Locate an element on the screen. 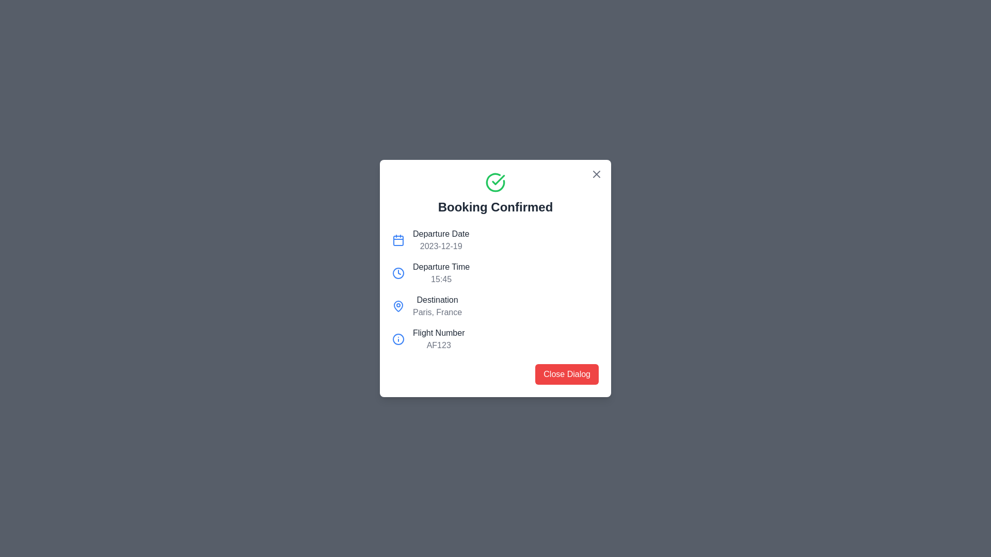 The height and width of the screenshot is (557, 991). the text label reading 'Destination', which is styled with a medium font-weight and dark gray text color, located beneath 'Departure Time' and above 'Paris, France' is located at coordinates (437, 300).